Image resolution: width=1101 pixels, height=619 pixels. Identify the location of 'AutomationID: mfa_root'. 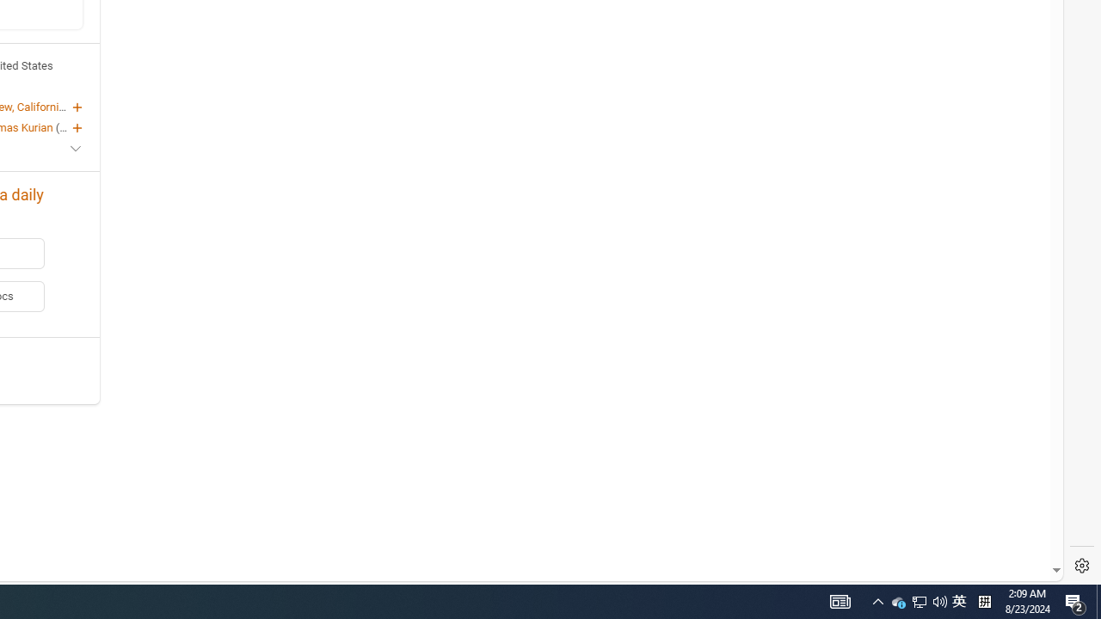
(992, 518).